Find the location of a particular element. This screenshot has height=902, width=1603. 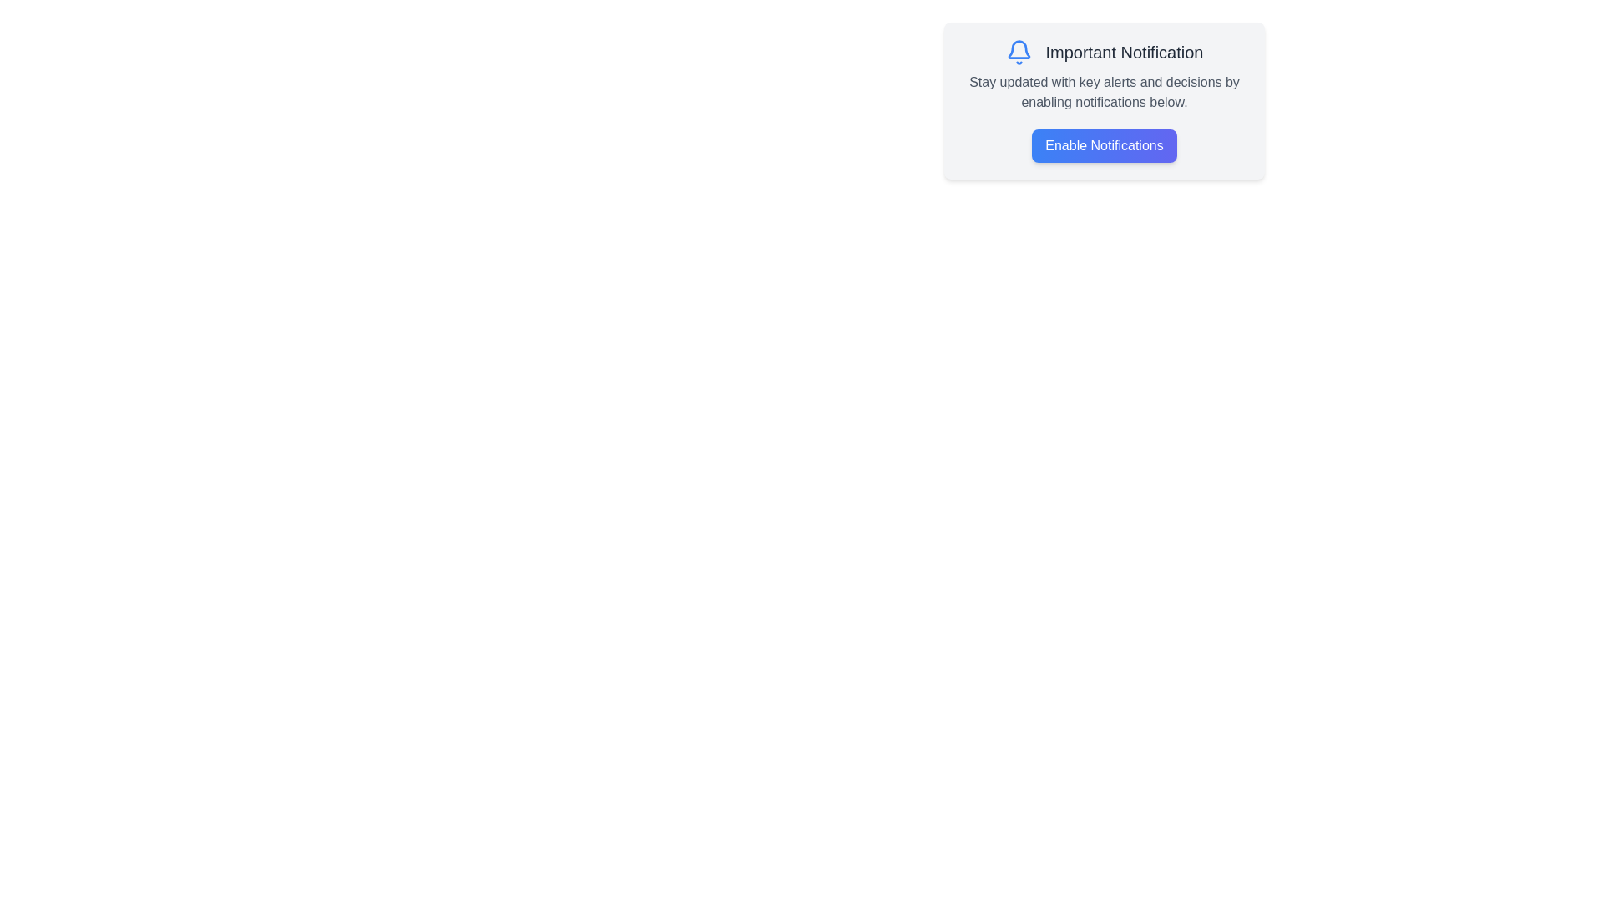

the blue bell icon outlined in a circular shape located to the left of the text 'Important Notification' is located at coordinates (1018, 51).